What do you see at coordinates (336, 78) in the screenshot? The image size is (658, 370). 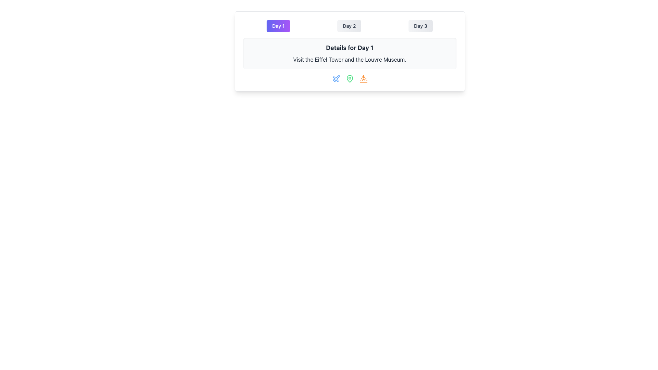 I see `the small blue airplane icon located at the center bottom section of the card` at bounding box center [336, 78].